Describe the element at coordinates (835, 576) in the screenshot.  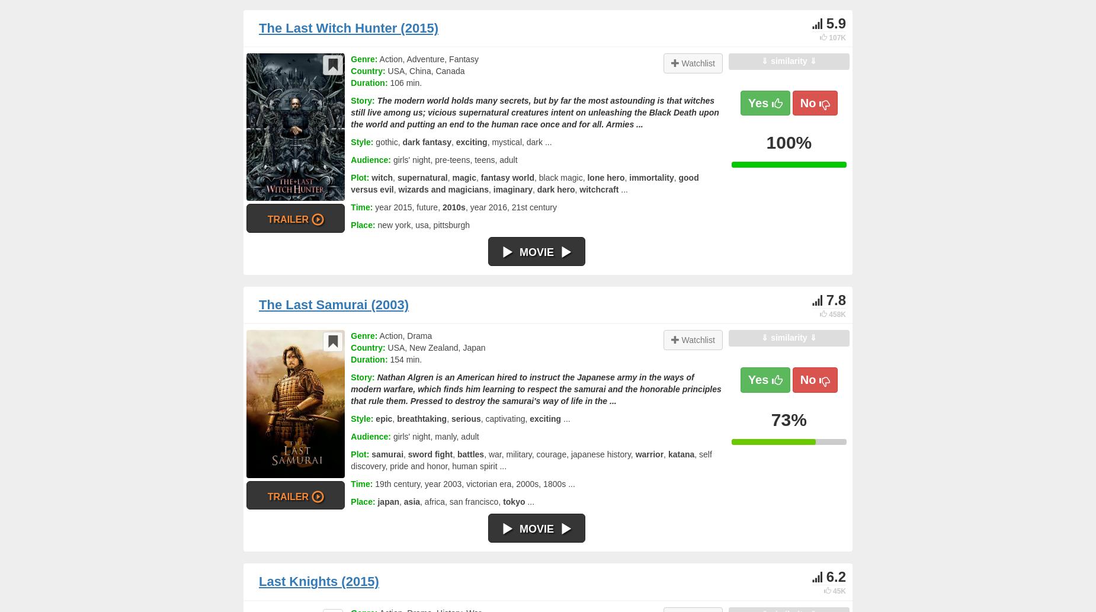
I see `'6.2'` at that location.